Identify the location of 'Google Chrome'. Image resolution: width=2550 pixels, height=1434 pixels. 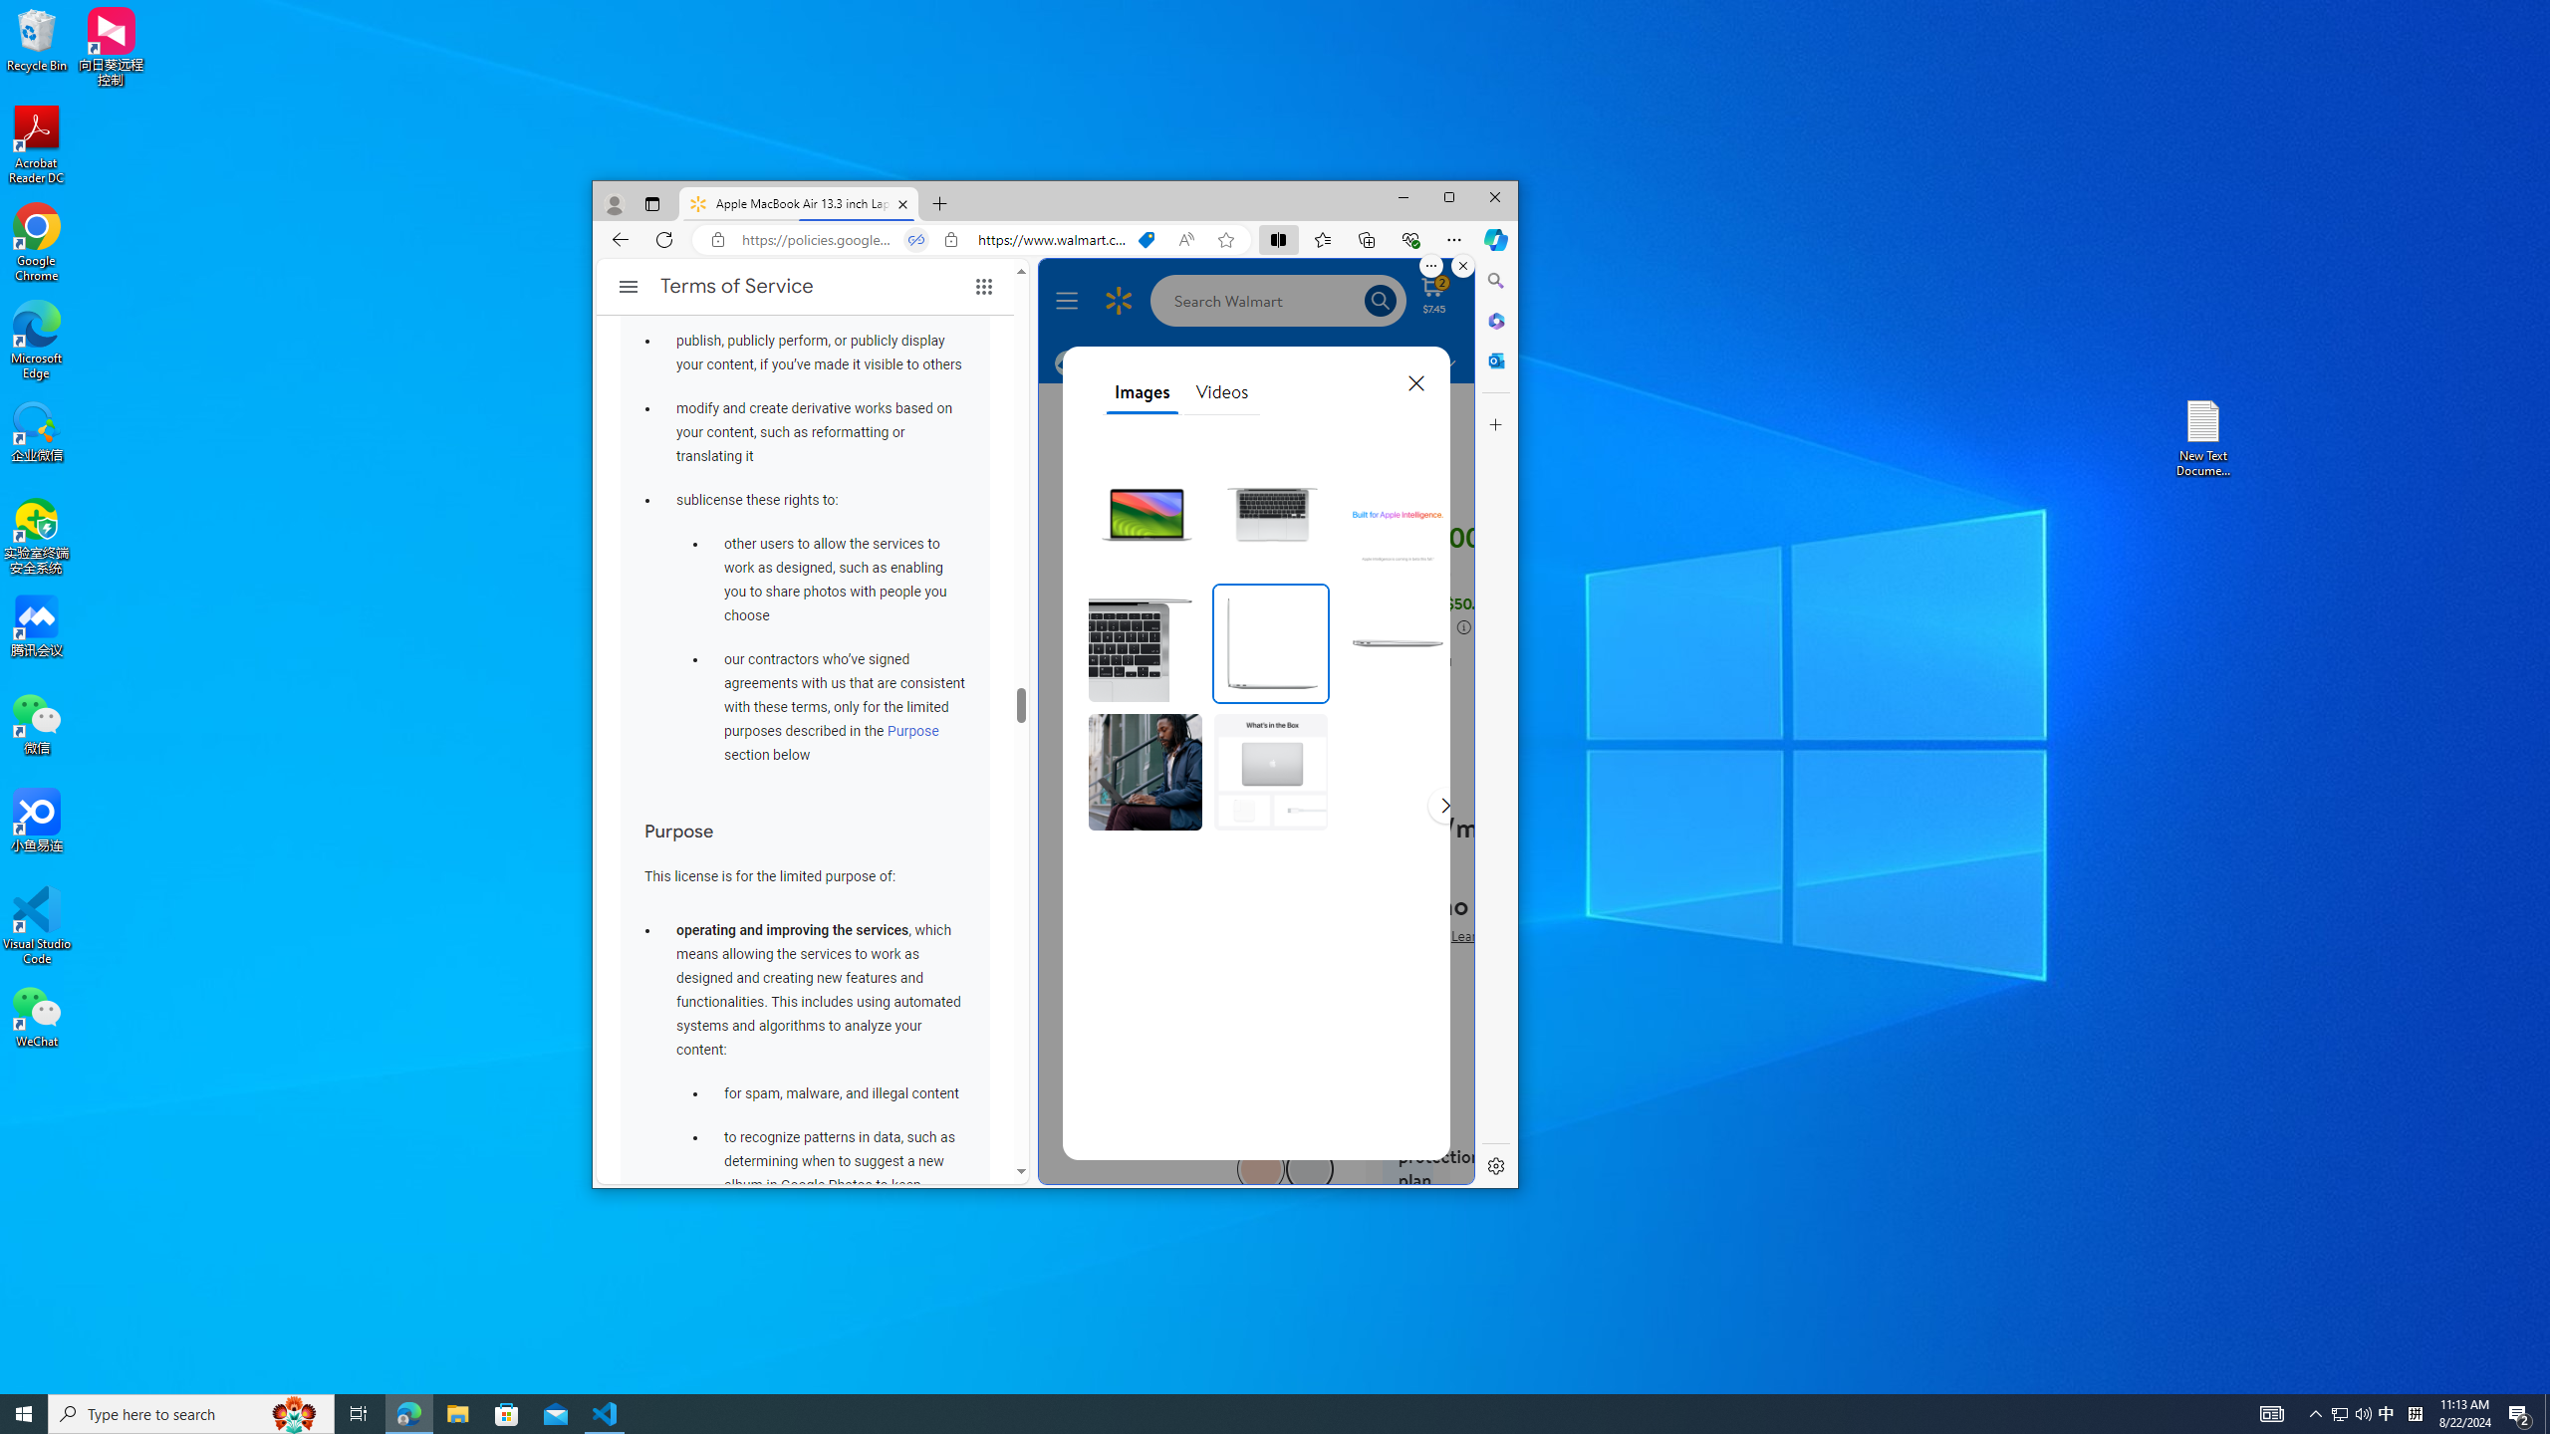
(36, 243).